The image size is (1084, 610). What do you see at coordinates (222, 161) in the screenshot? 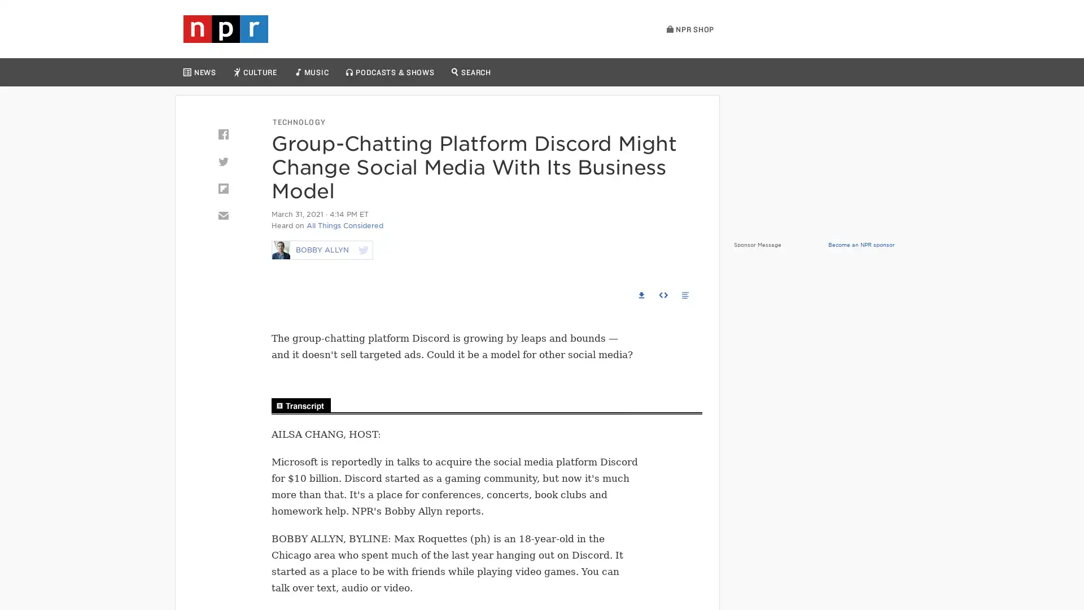
I see `Twitter` at bounding box center [222, 161].